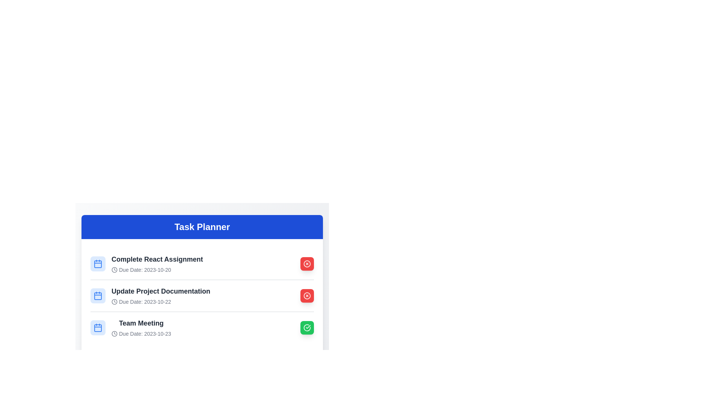 This screenshot has height=406, width=721. Describe the element at coordinates (97, 295) in the screenshot. I see `the blue calendar icon located in the 'Task Planner' panel, adjacent to the text 'Update Project Documentation'` at that location.